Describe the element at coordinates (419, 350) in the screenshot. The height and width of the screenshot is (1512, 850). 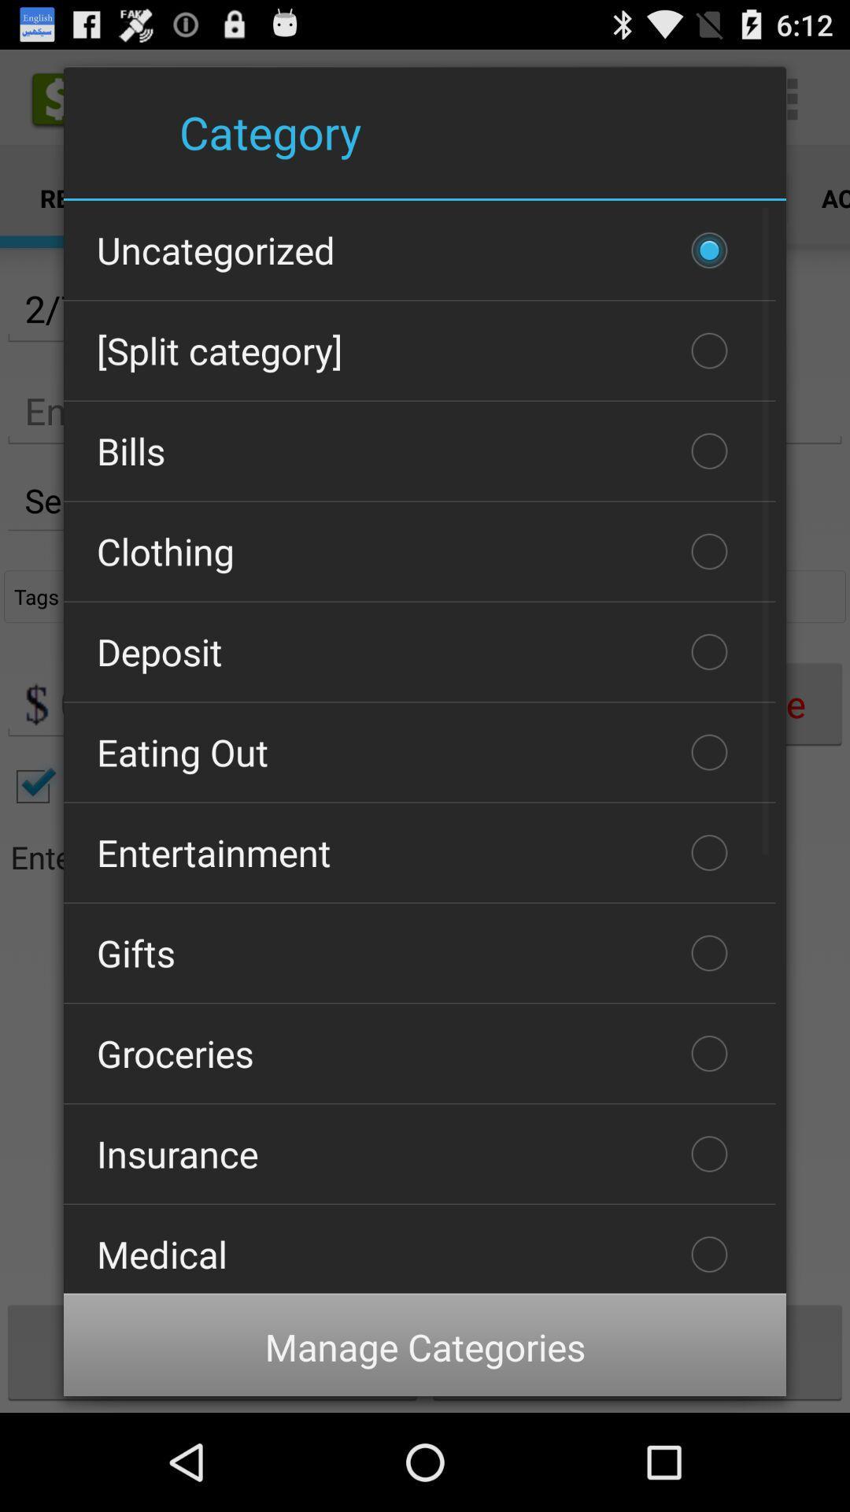
I see `[split category]` at that location.